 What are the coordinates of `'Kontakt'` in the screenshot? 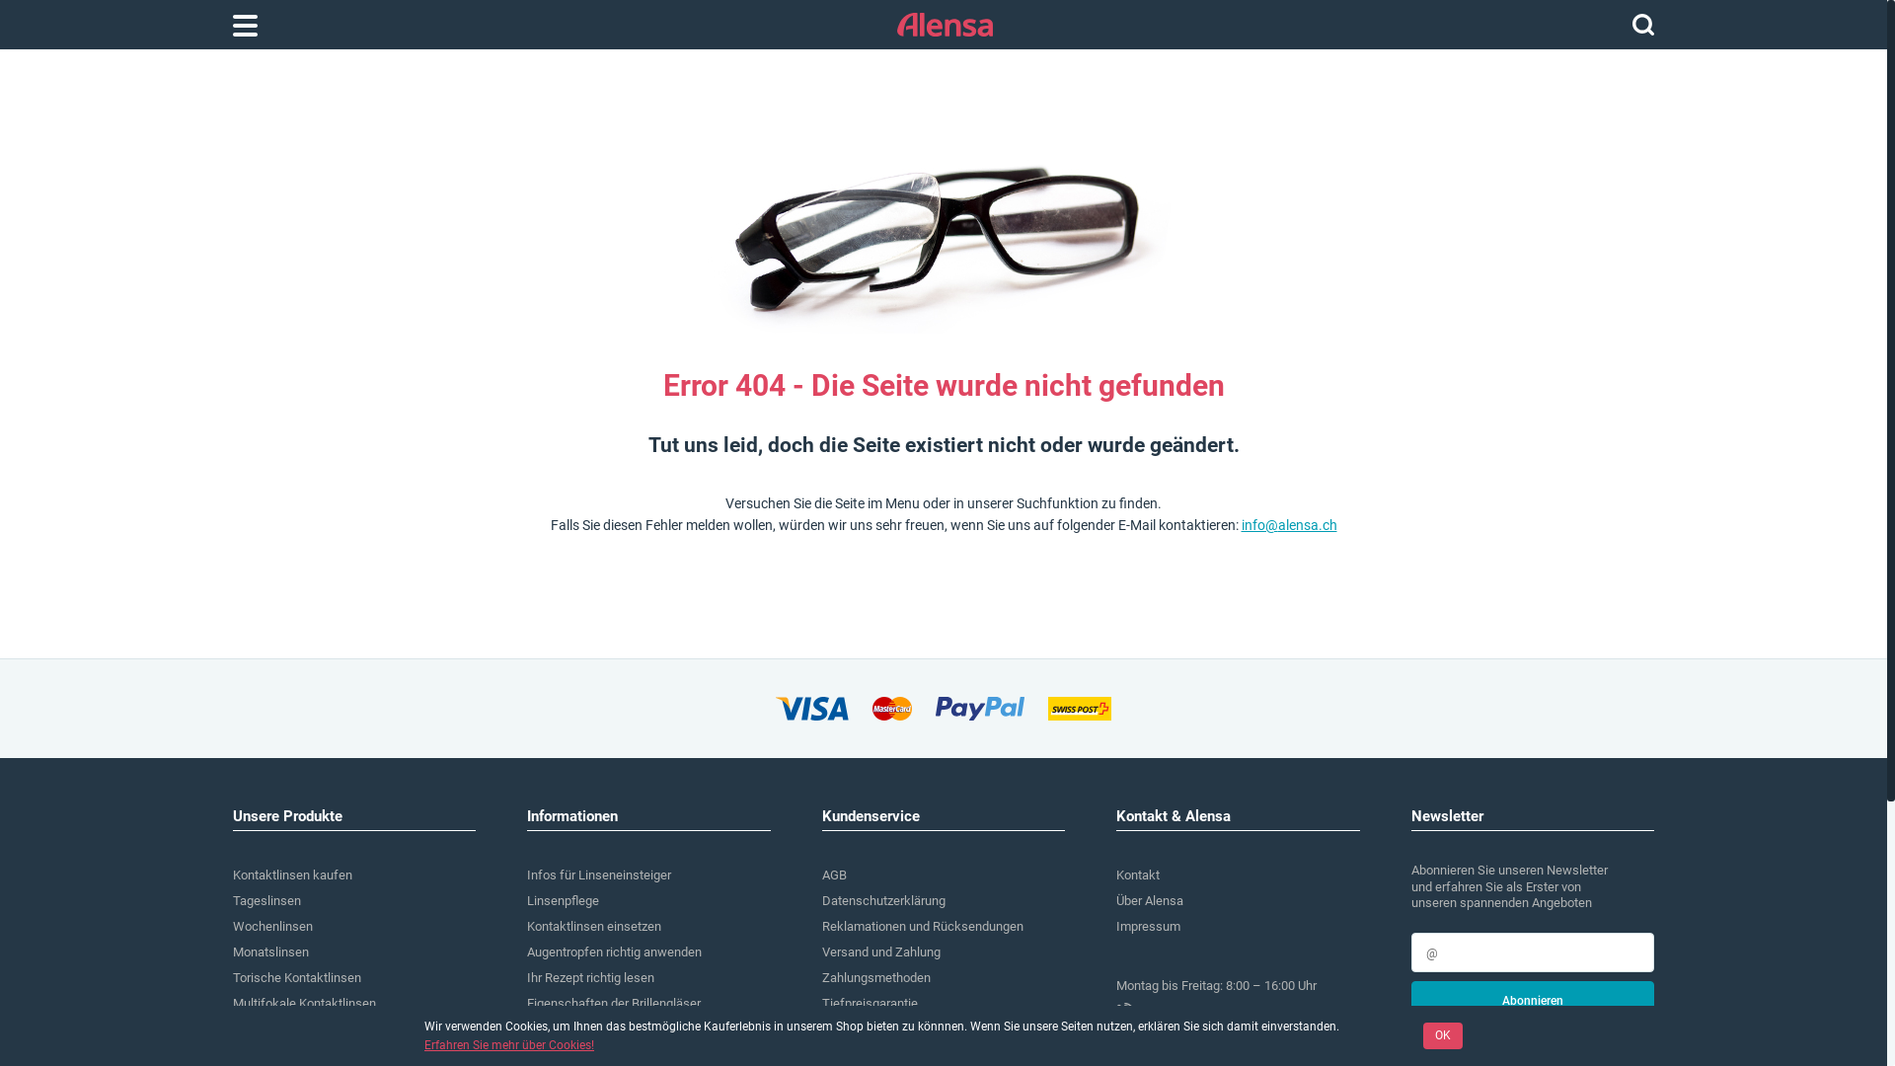 It's located at (1137, 874).